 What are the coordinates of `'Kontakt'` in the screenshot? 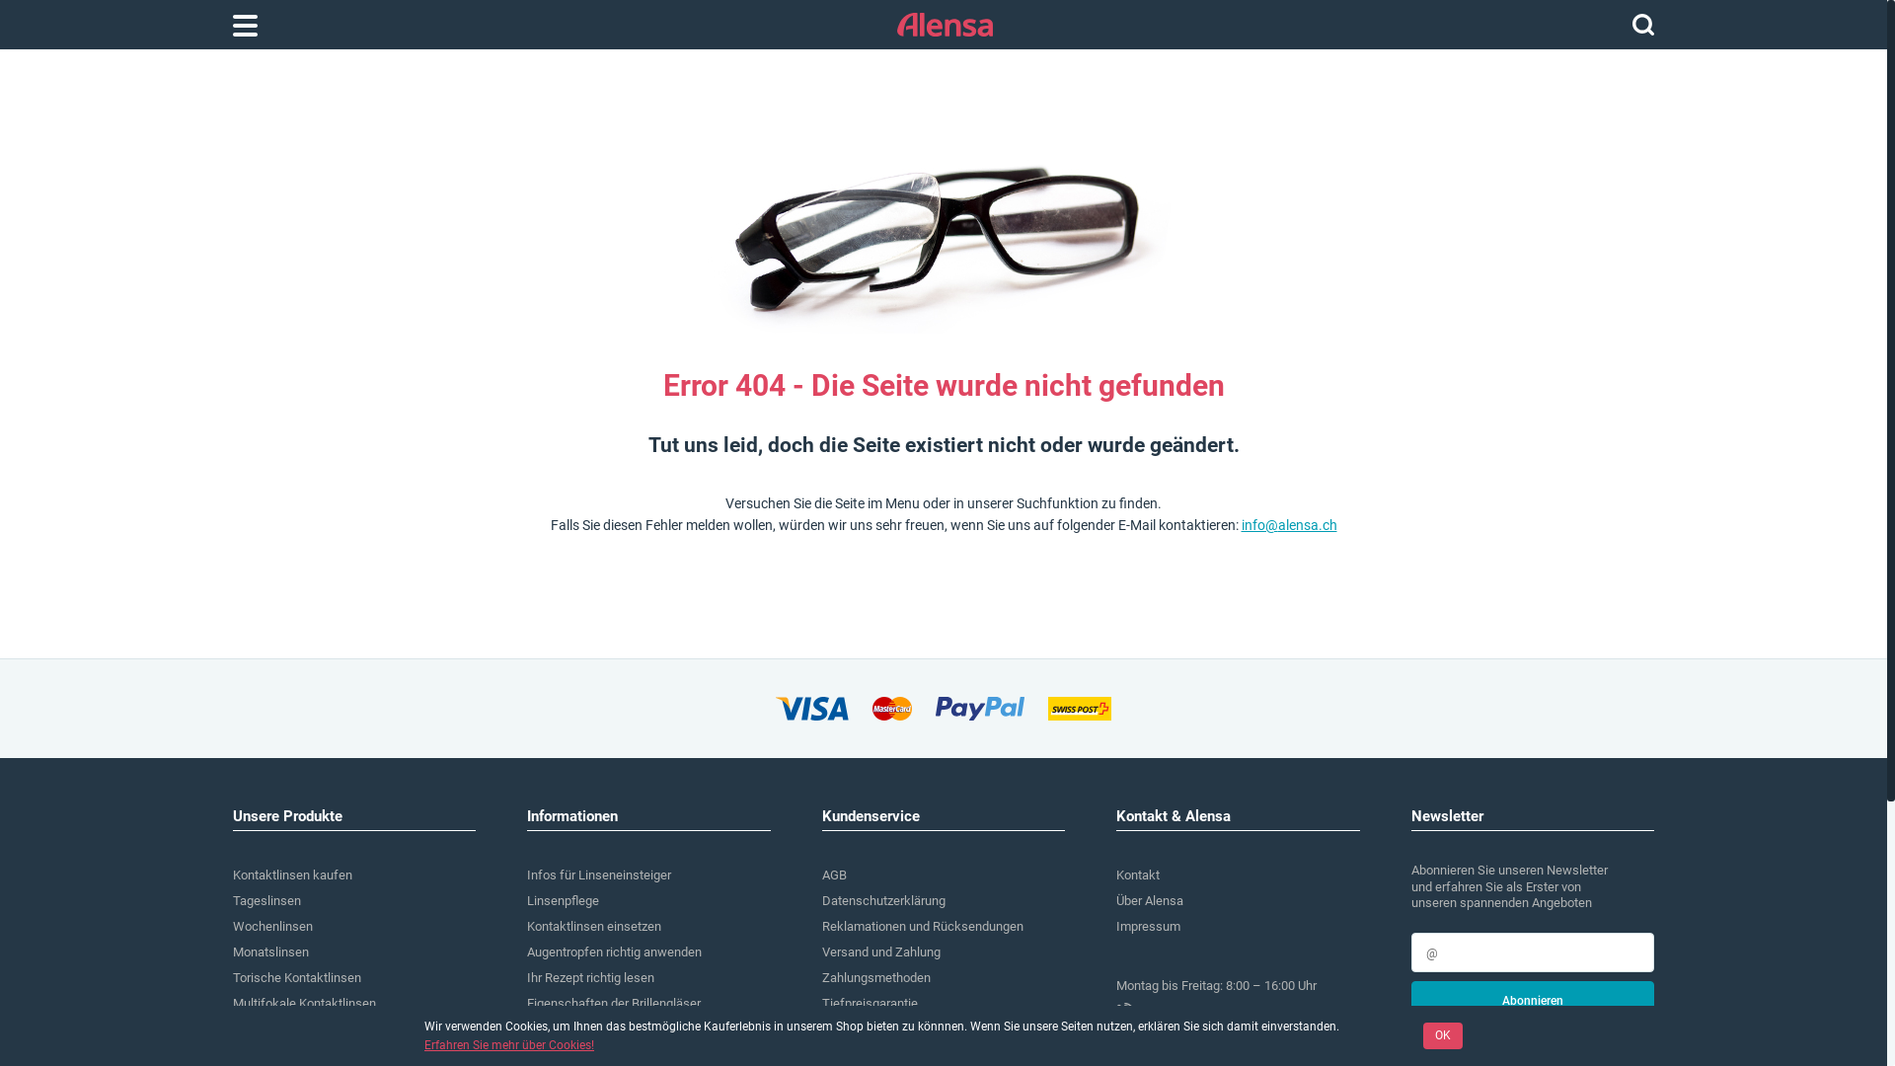 It's located at (1137, 874).